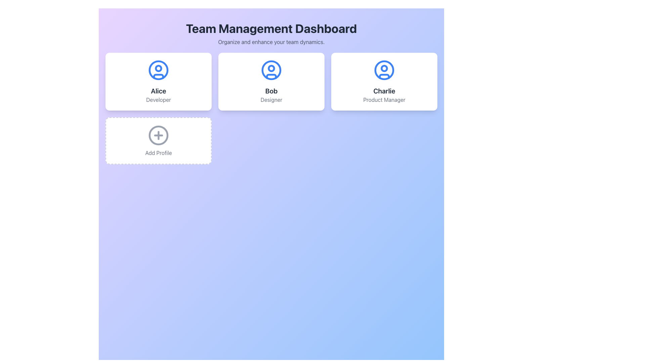 This screenshot has height=363, width=645. What do you see at coordinates (271, 28) in the screenshot?
I see `the 'Team Management Dashboard' text element, which is a large, bold heading located at the top center of the interface` at bounding box center [271, 28].